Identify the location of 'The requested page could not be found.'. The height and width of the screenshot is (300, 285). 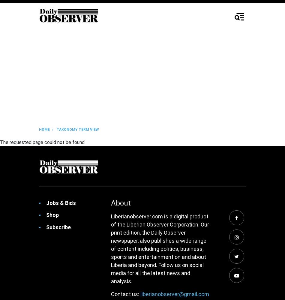
(43, 142).